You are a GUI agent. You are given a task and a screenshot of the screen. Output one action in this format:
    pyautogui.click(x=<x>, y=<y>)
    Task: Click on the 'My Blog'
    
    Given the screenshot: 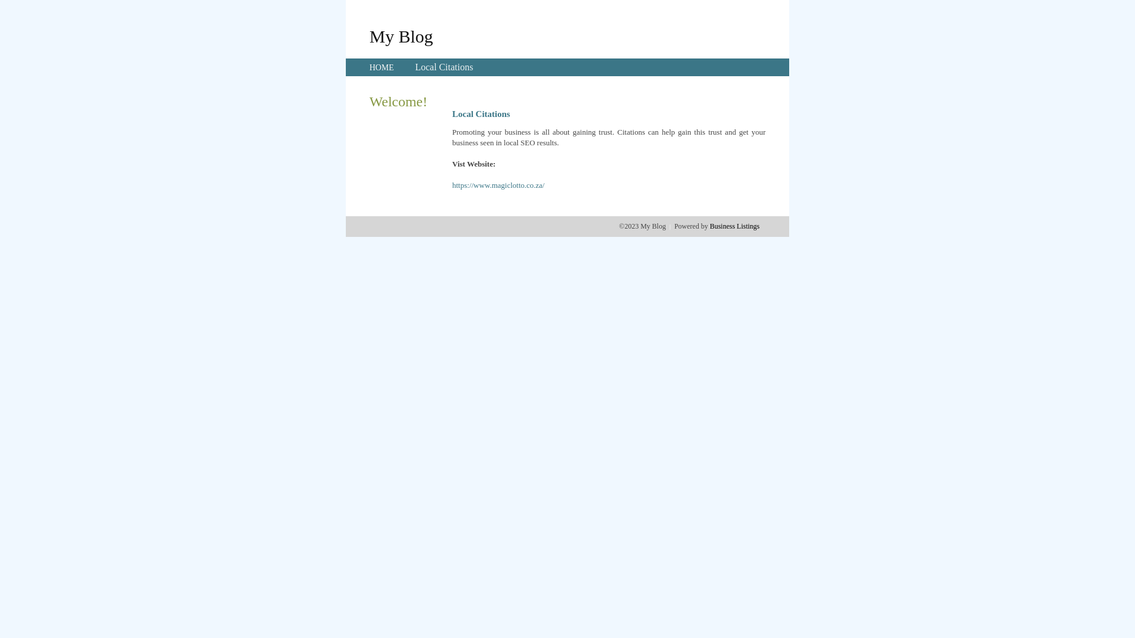 What is the action you would take?
    pyautogui.click(x=368, y=35)
    